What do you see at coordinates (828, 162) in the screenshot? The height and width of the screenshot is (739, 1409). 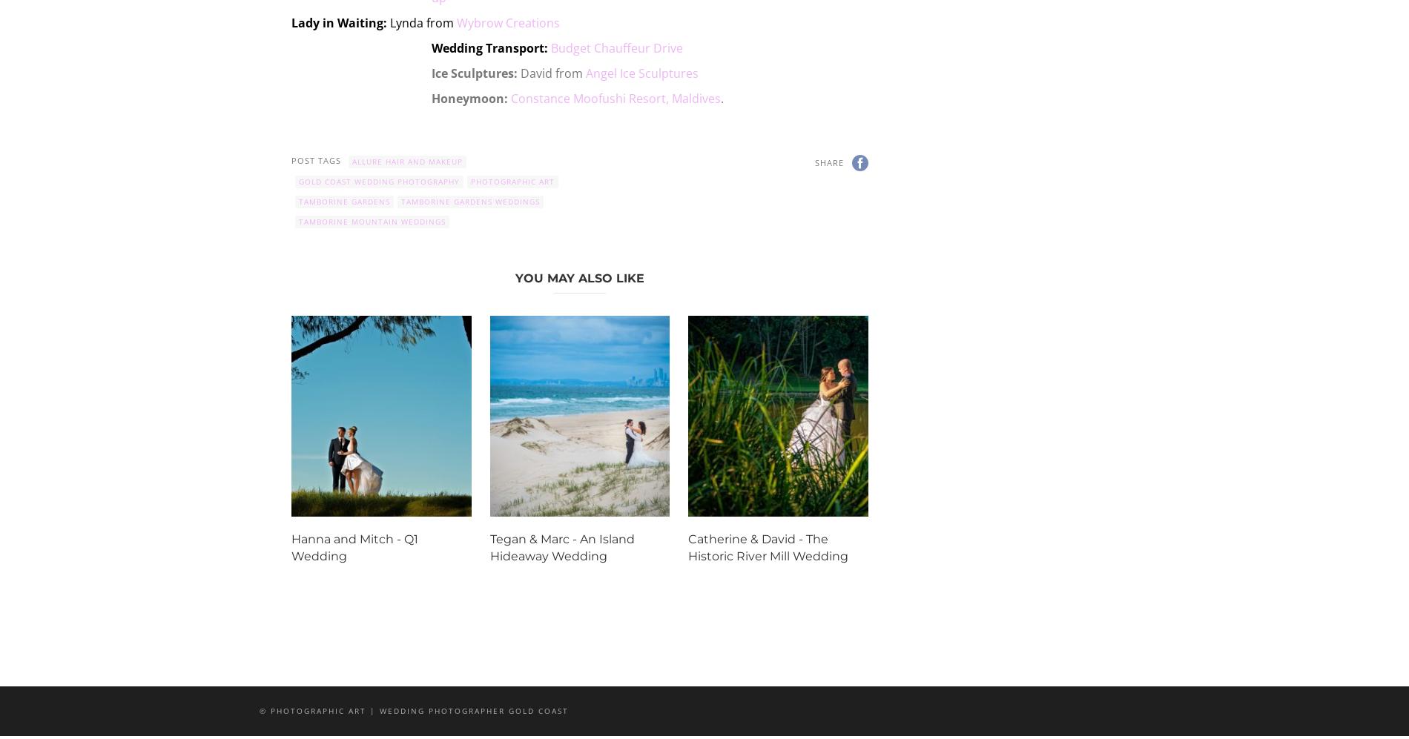 I see `'Share'` at bounding box center [828, 162].